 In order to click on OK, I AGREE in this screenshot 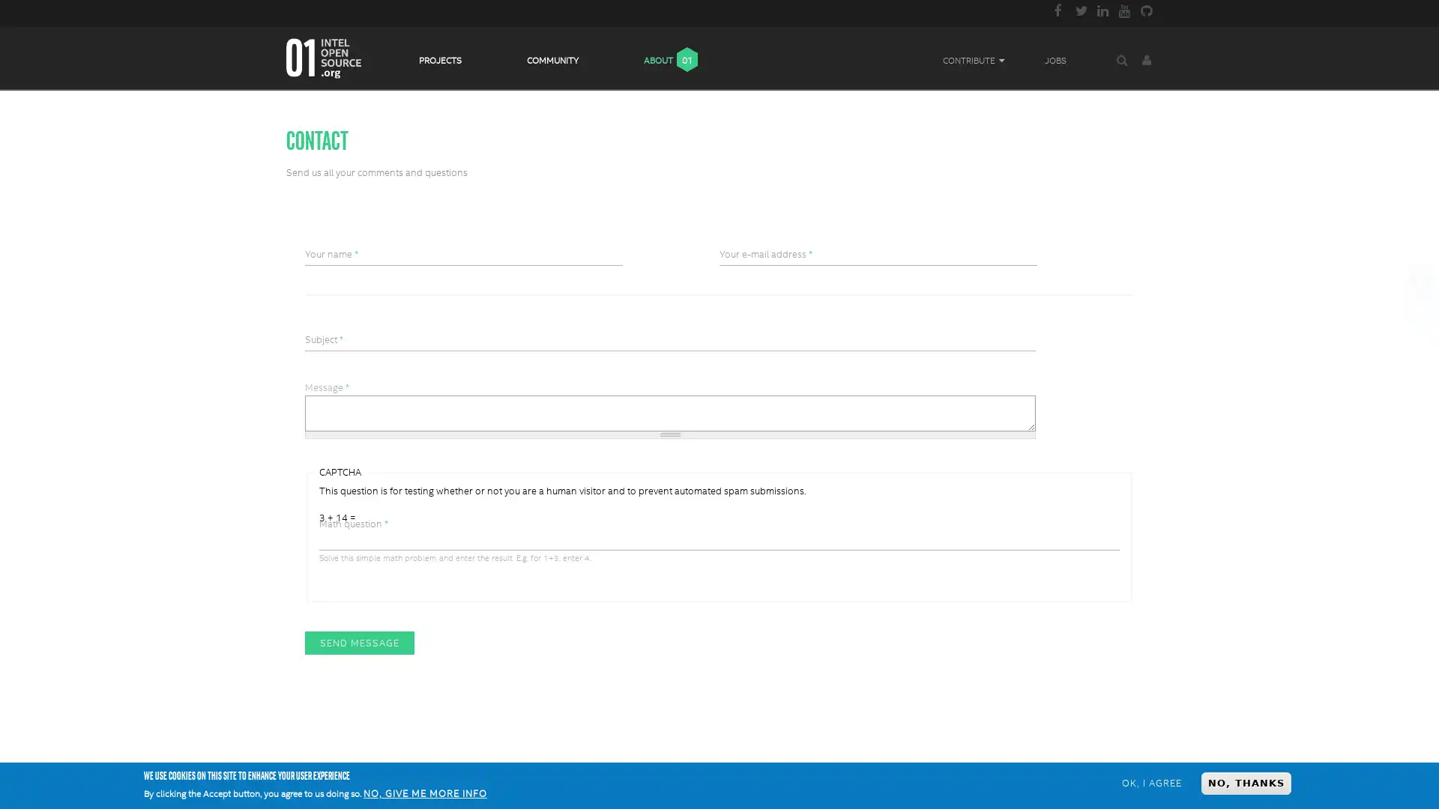, I will do `click(1150, 782)`.